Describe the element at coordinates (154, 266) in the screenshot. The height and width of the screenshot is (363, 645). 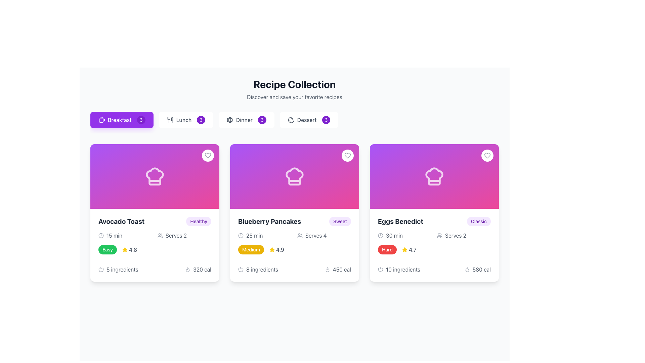
I see `the display information element that shows the number of ingredients (5) and calorie content (320 calories) for the 'Avocado Toast' recipe` at that location.